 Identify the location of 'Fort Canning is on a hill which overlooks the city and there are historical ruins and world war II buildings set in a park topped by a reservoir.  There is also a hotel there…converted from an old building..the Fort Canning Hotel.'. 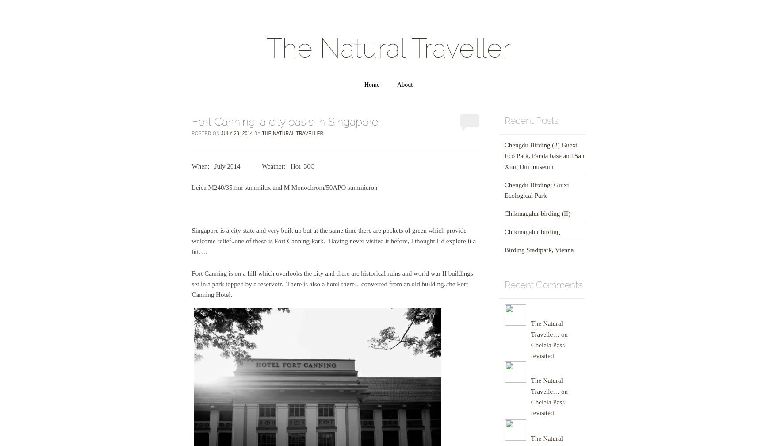
(331, 284).